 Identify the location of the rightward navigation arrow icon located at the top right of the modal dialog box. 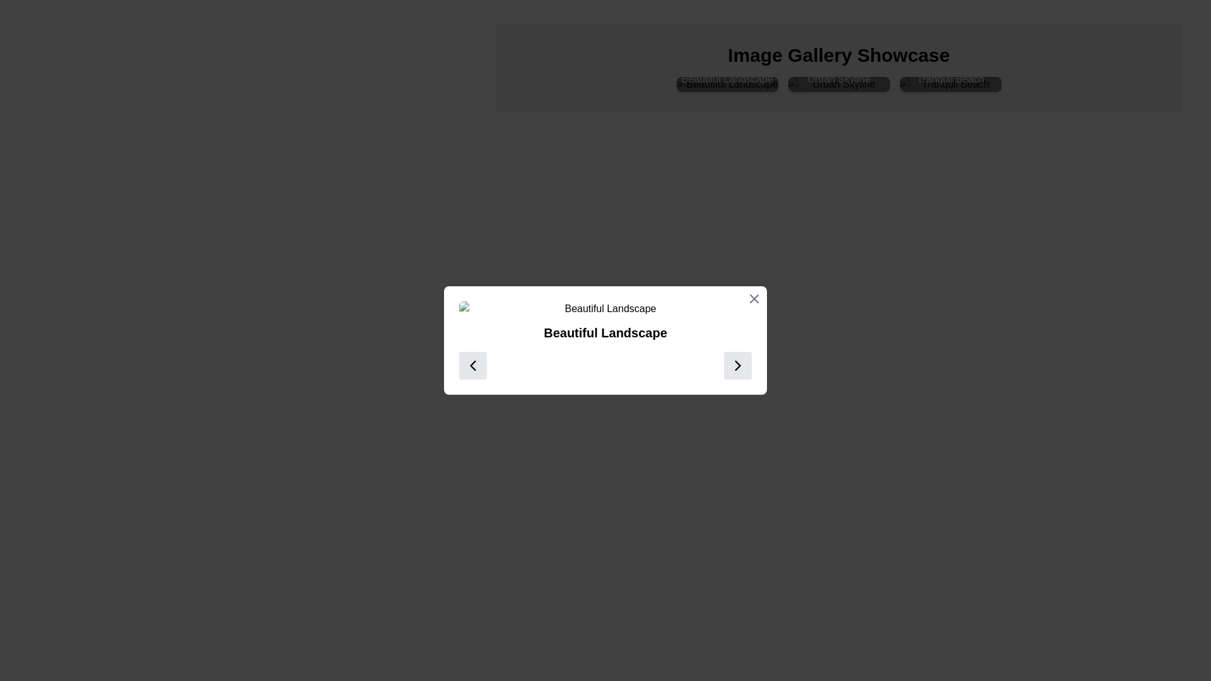
(738, 365).